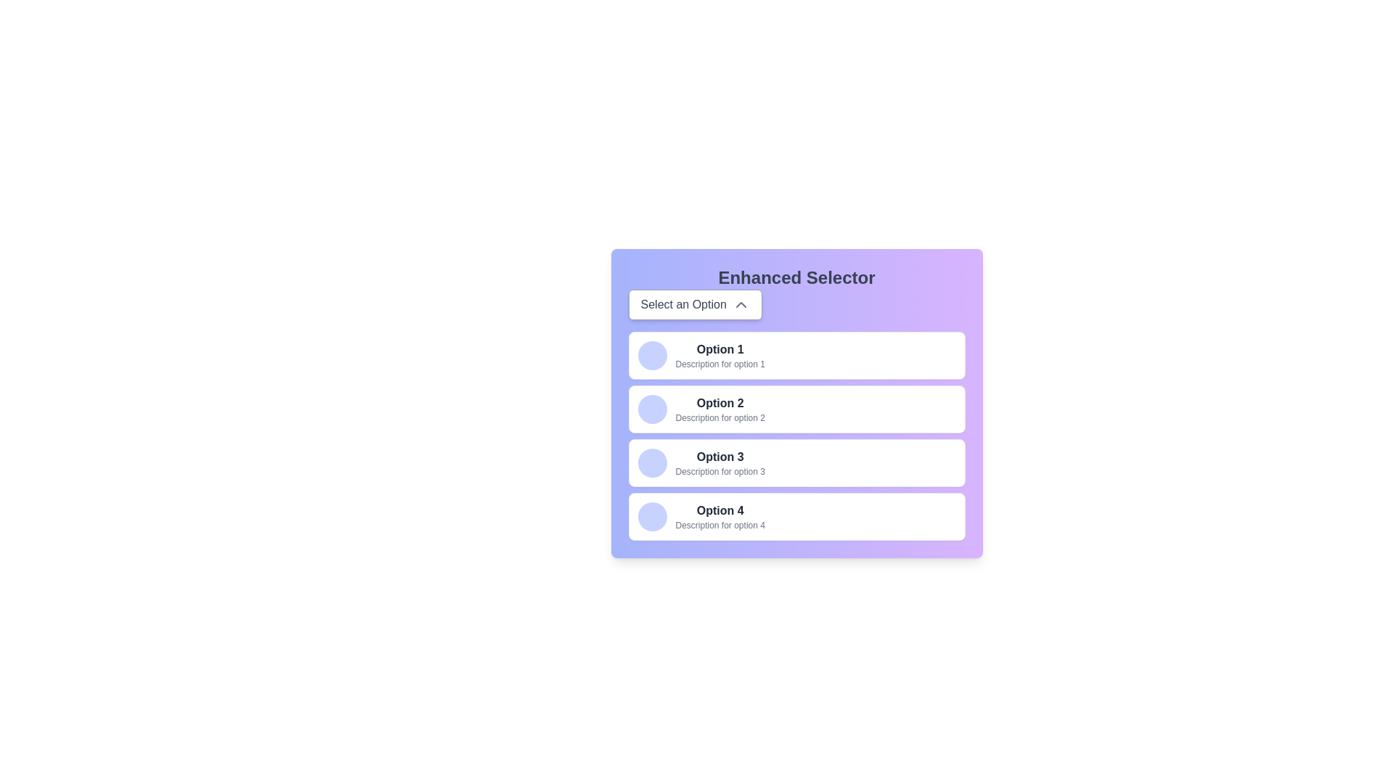 This screenshot has width=1394, height=784. What do you see at coordinates (720, 510) in the screenshot?
I see `the Text label that serves as a header or title for the fourth option in the list under the 'Enhanced Selector' section` at bounding box center [720, 510].